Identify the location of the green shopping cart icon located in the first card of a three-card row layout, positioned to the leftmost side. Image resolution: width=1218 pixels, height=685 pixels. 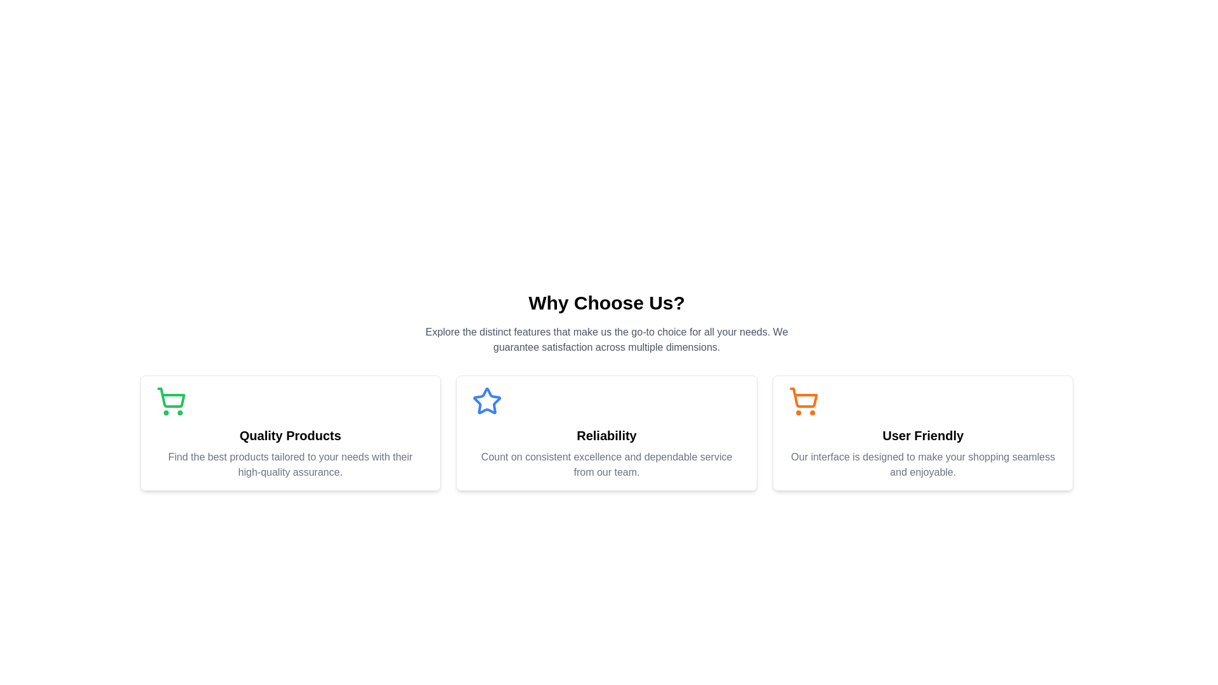
(170, 401).